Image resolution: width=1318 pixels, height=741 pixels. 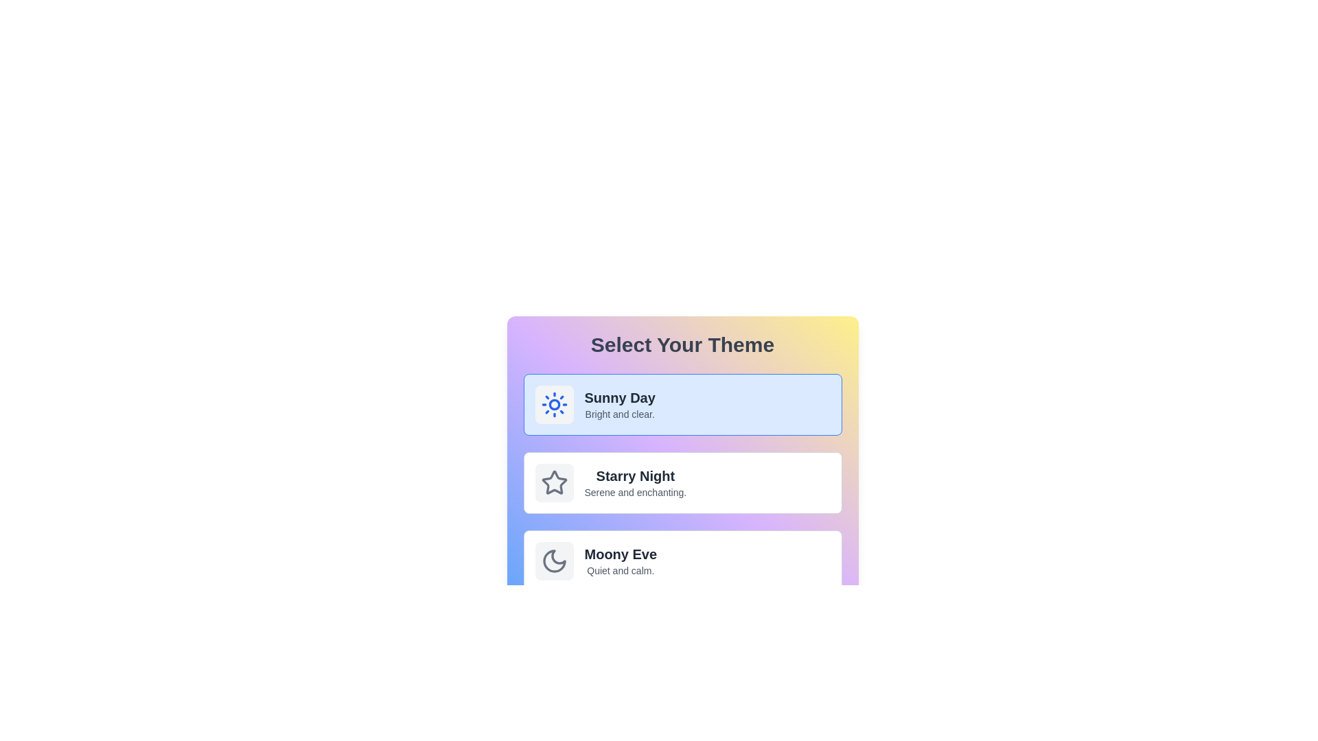 What do you see at coordinates (619, 397) in the screenshot?
I see `the title text element of the theme option` at bounding box center [619, 397].